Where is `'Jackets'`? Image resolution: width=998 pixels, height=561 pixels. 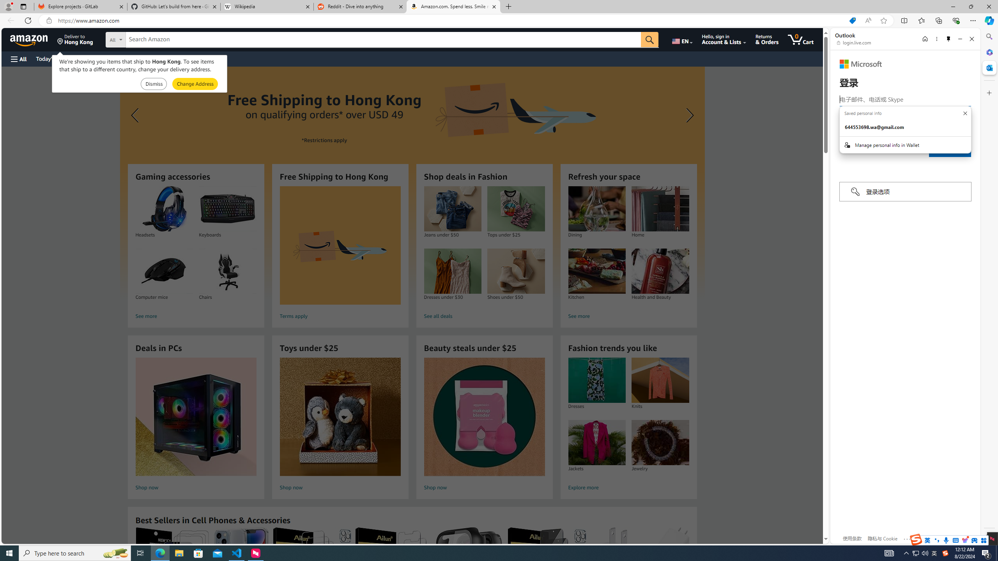 'Jackets' is located at coordinates (596, 442).